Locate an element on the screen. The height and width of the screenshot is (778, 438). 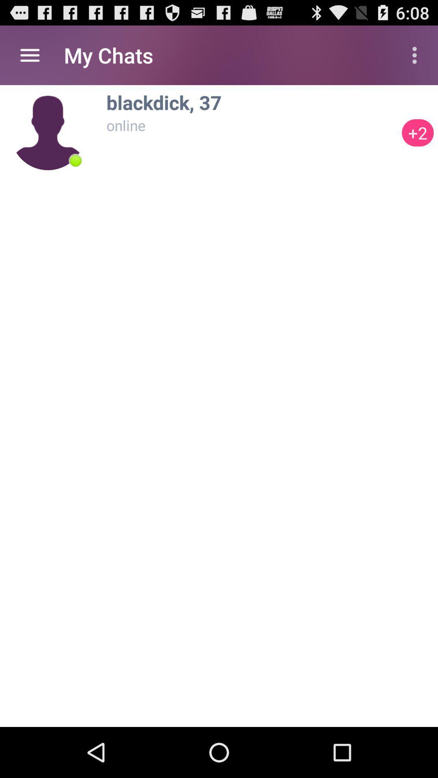
item next to +2 is located at coordinates (75, 160).